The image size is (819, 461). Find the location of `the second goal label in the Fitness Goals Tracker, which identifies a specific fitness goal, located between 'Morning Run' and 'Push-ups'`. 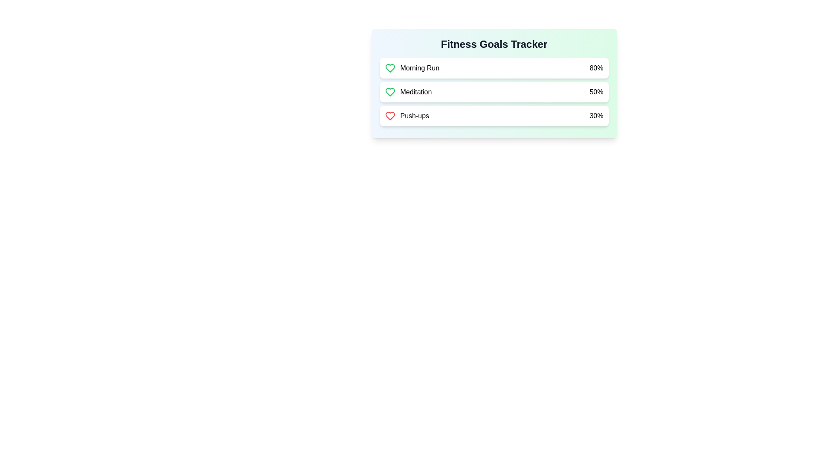

the second goal label in the Fitness Goals Tracker, which identifies a specific fitness goal, located between 'Morning Run' and 'Push-ups' is located at coordinates (416, 92).